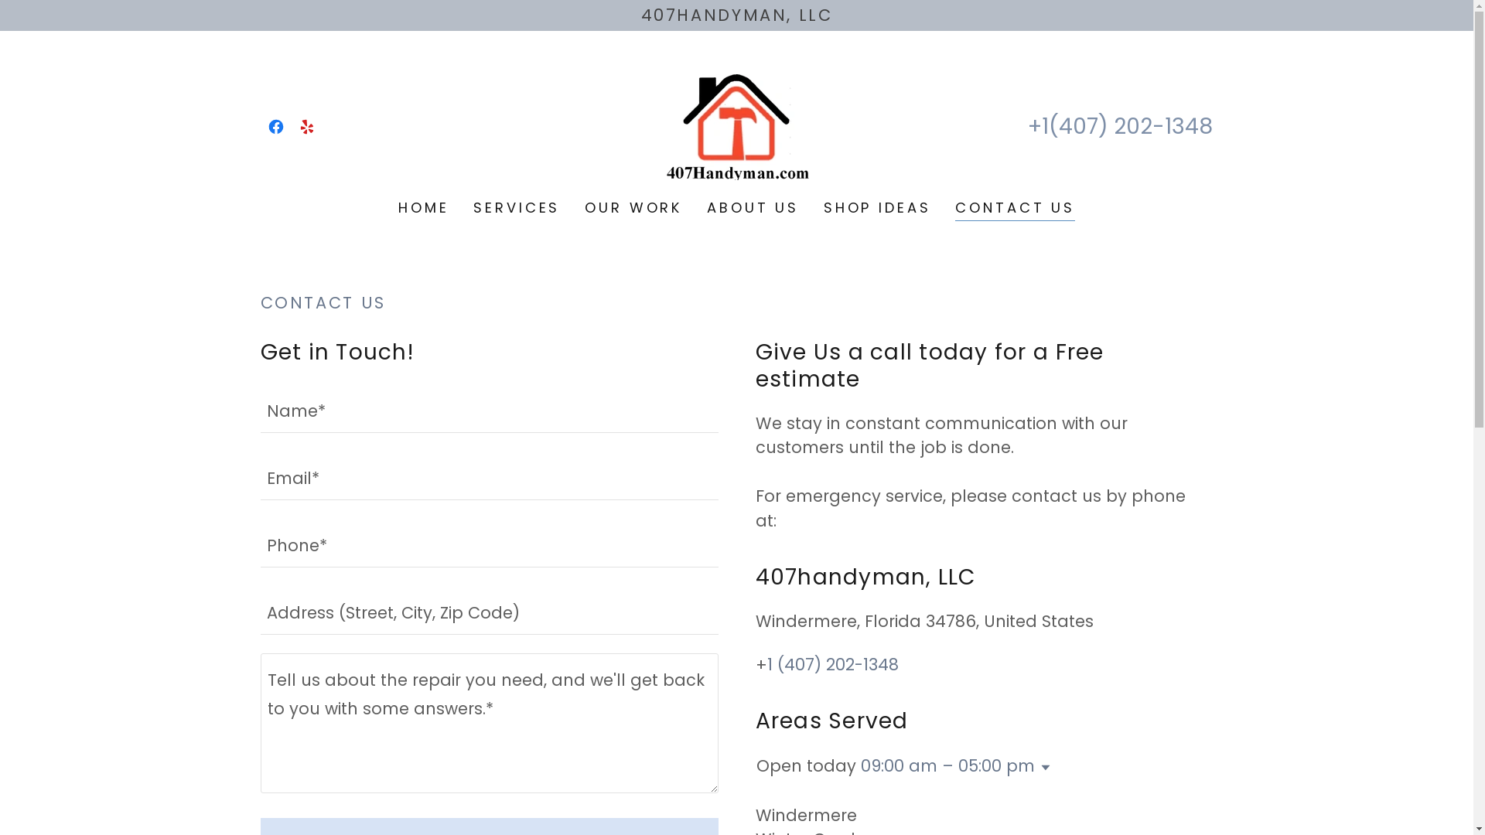 The width and height of the screenshot is (1485, 835). Describe the element at coordinates (877, 206) in the screenshot. I see `'SHOP IDEAS'` at that location.